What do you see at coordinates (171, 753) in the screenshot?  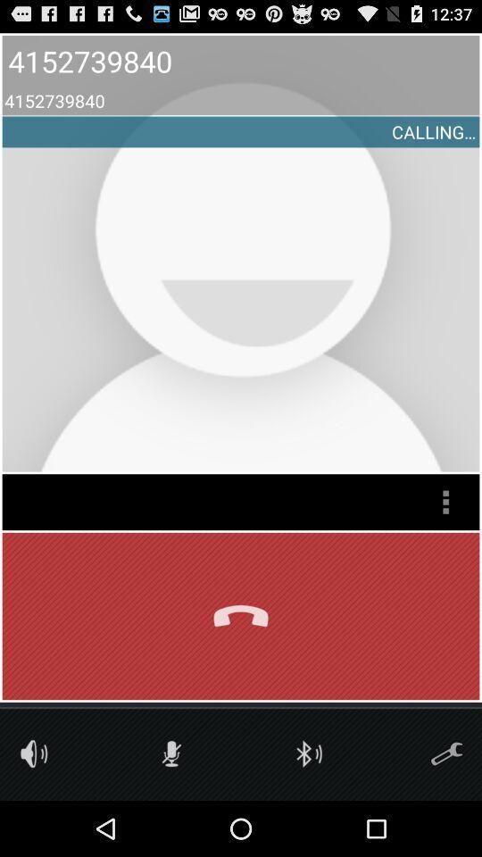 I see `mic off` at bounding box center [171, 753].